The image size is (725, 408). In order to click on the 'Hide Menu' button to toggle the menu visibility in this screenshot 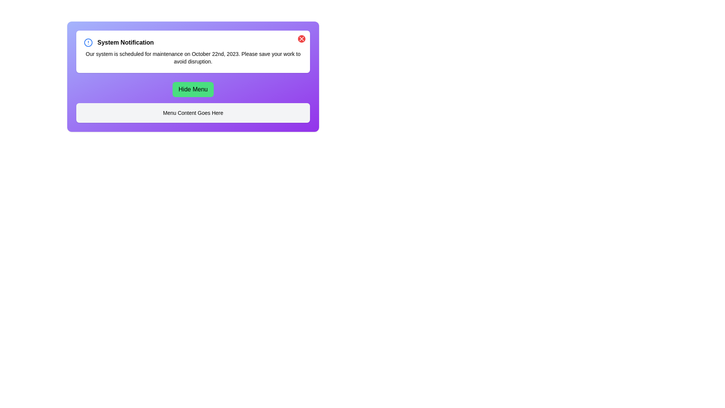, I will do `click(193, 89)`.